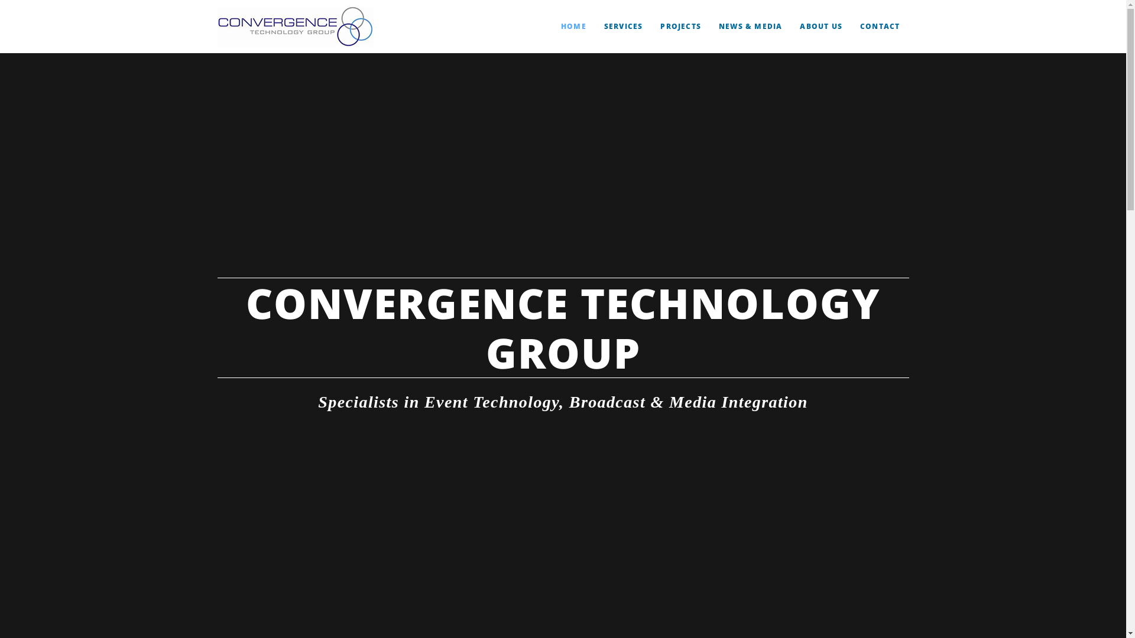 The image size is (1135, 638). What do you see at coordinates (573, 27) in the screenshot?
I see `'HOME'` at bounding box center [573, 27].